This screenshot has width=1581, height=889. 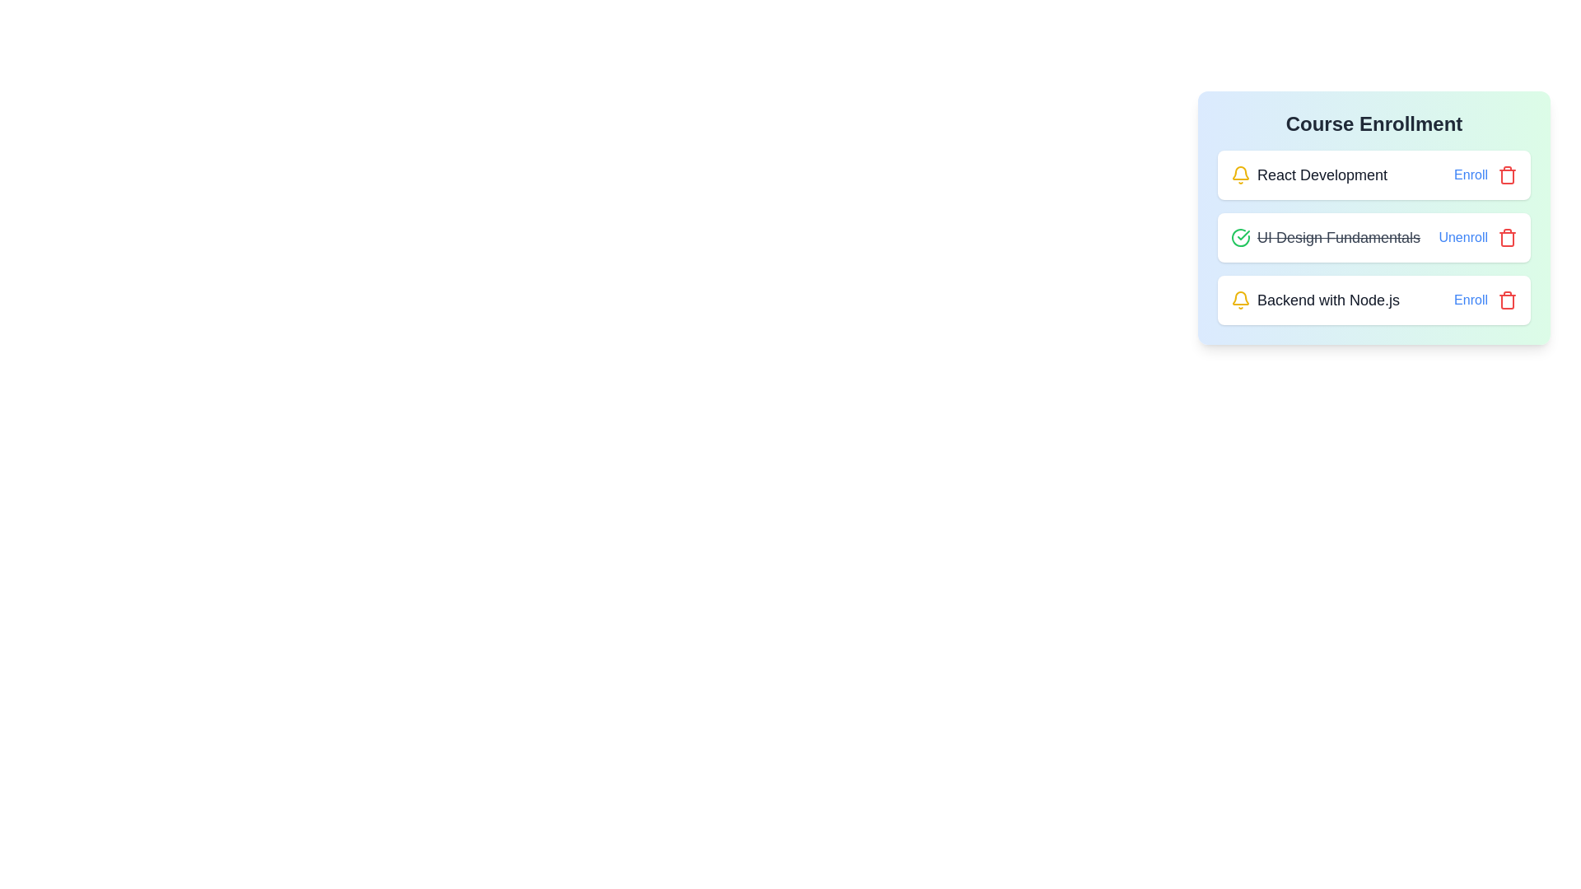 What do you see at coordinates (1507, 175) in the screenshot?
I see `the remove button for the course React Development` at bounding box center [1507, 175].